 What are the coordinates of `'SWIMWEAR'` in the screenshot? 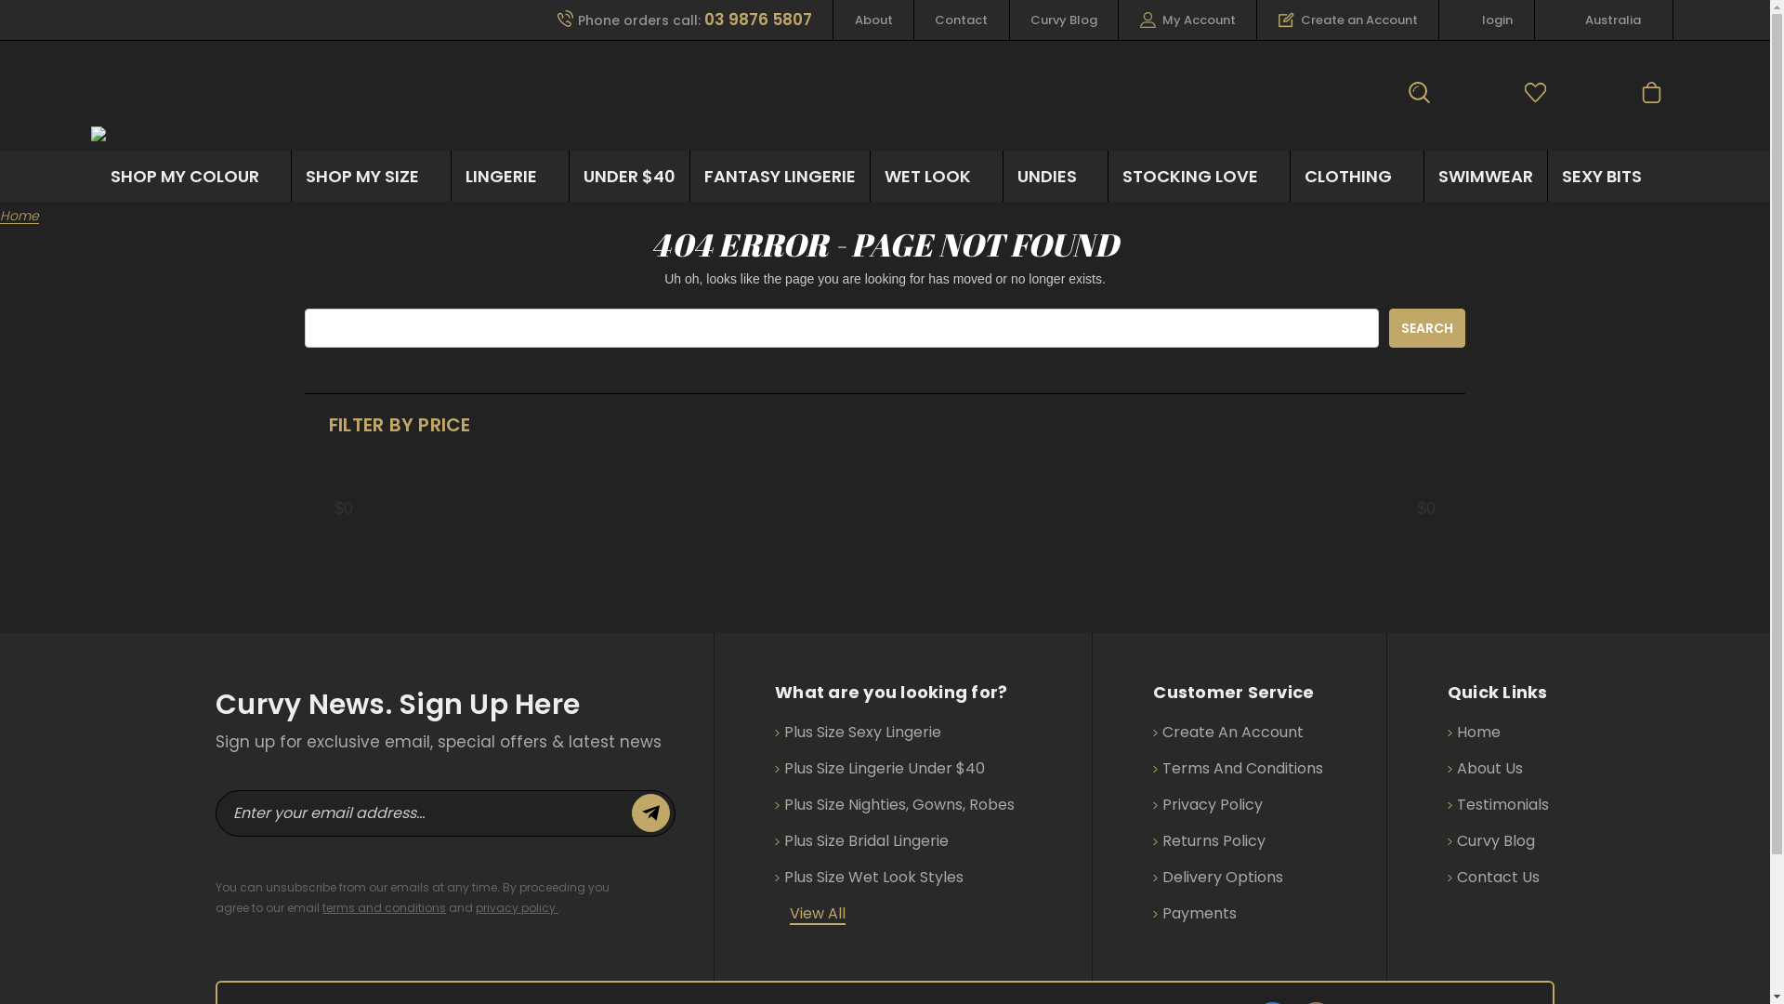 It's located at (1423, 176).